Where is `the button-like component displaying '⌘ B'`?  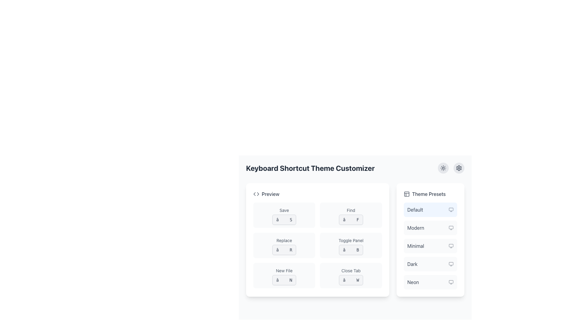
the button-like component displaying '⌘ B' is located at coordinates (351, 250).